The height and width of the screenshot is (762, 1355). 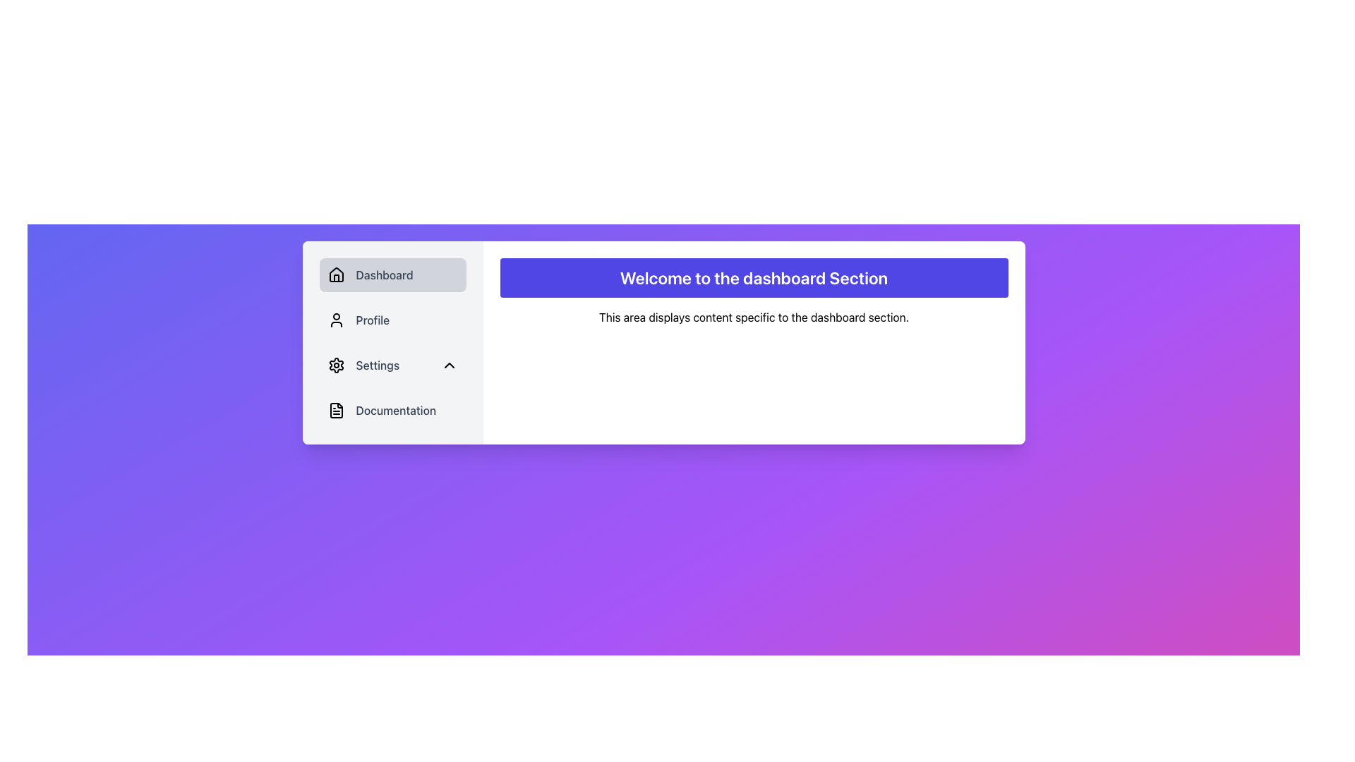 What do you see at coordinates (395, 411) in the screenshot?
I see `the 'Documentation' static text located at the last position in the vertical navigation list on the left sidebar, directly below the 'Settings' item` at bounding box center [395, 411].